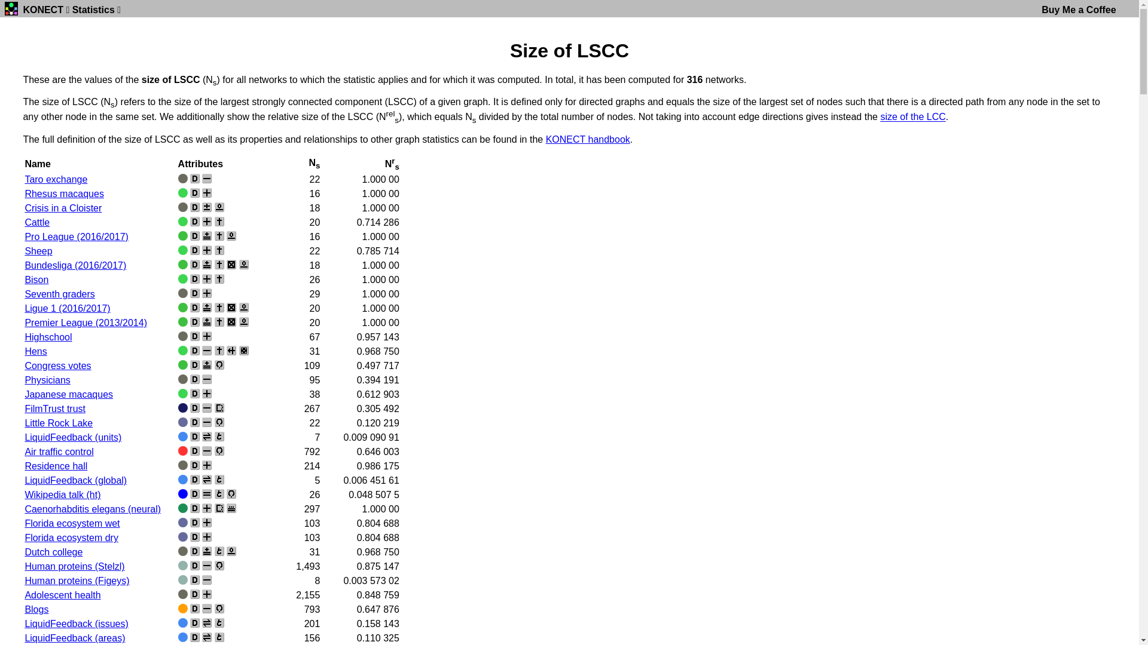 The width and height of the screenshot is (1148, 645). I want to click on 'Signed, possibly weighted, multiple edges', so click(206, 235).